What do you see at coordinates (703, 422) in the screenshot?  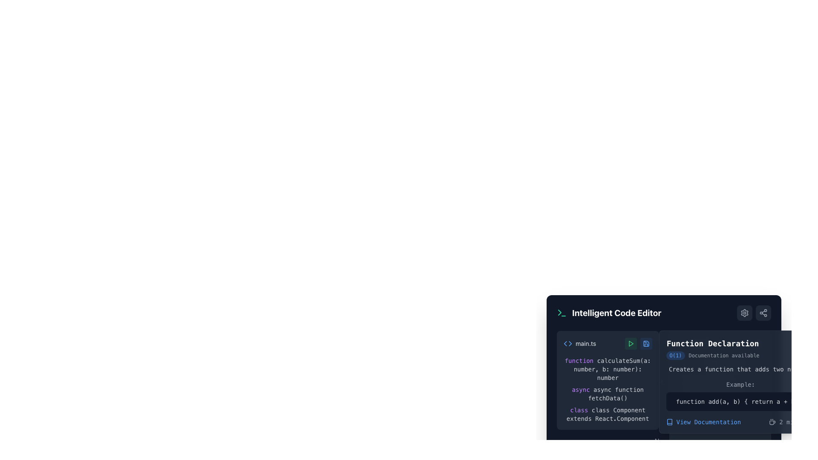 I see `the stylized hyperlink labeled 'View Documentation' with an open book icon` at bounding box center [703, 422].